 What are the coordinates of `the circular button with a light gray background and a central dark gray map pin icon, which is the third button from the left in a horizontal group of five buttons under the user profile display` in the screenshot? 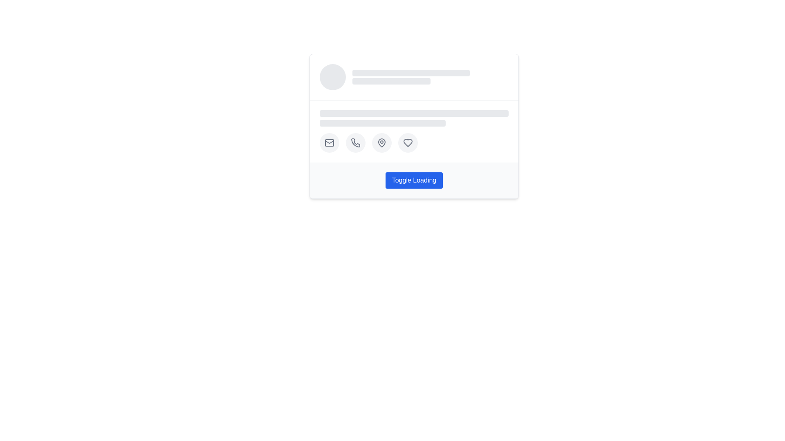 It's located at (381, 143).